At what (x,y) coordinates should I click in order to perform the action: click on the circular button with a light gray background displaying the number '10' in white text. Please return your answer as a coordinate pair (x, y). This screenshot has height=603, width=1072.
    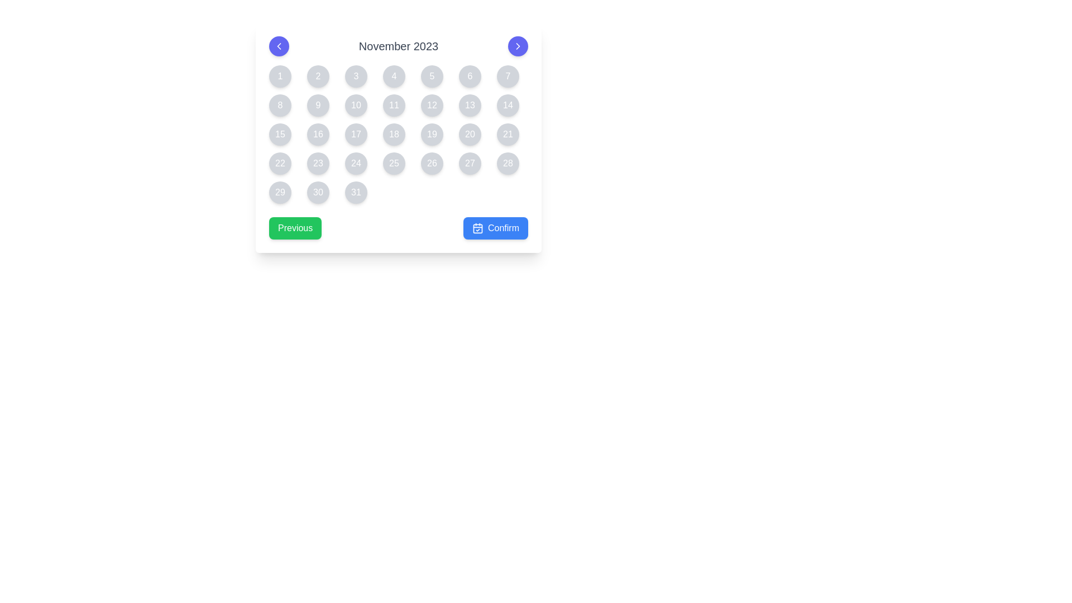
    Looking at the image, I should click on (356, 106).